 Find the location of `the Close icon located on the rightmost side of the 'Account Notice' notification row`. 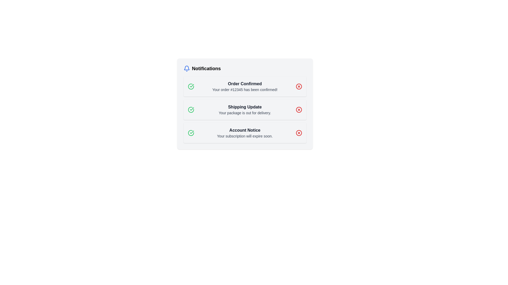

the Close icon located on the rightmost side of the 'Account Notice' notification row is located at coordinates (299, 133).